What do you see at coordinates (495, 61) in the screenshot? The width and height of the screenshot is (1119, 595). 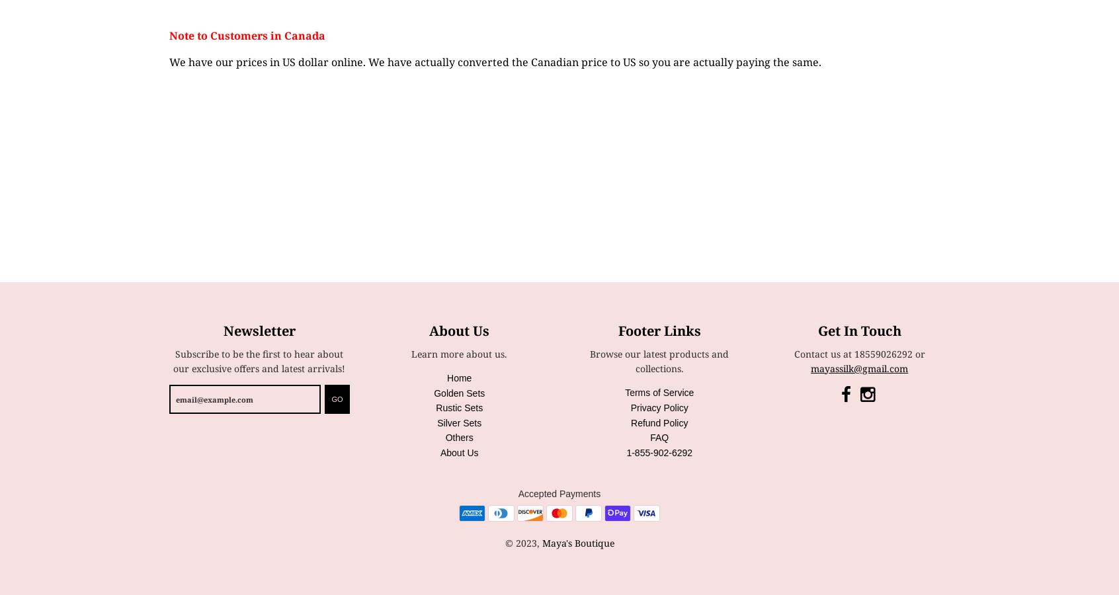 I see `'We have our prices in US dollar online. We have actually converted the Canadian price to US so you are actually paying the same.'` at bounding box center [495, 61].